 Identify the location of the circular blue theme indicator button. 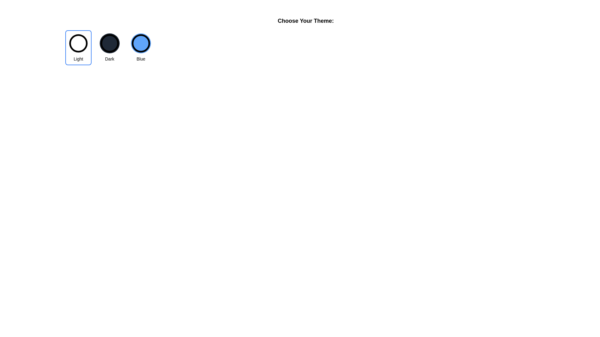
(141, 43).